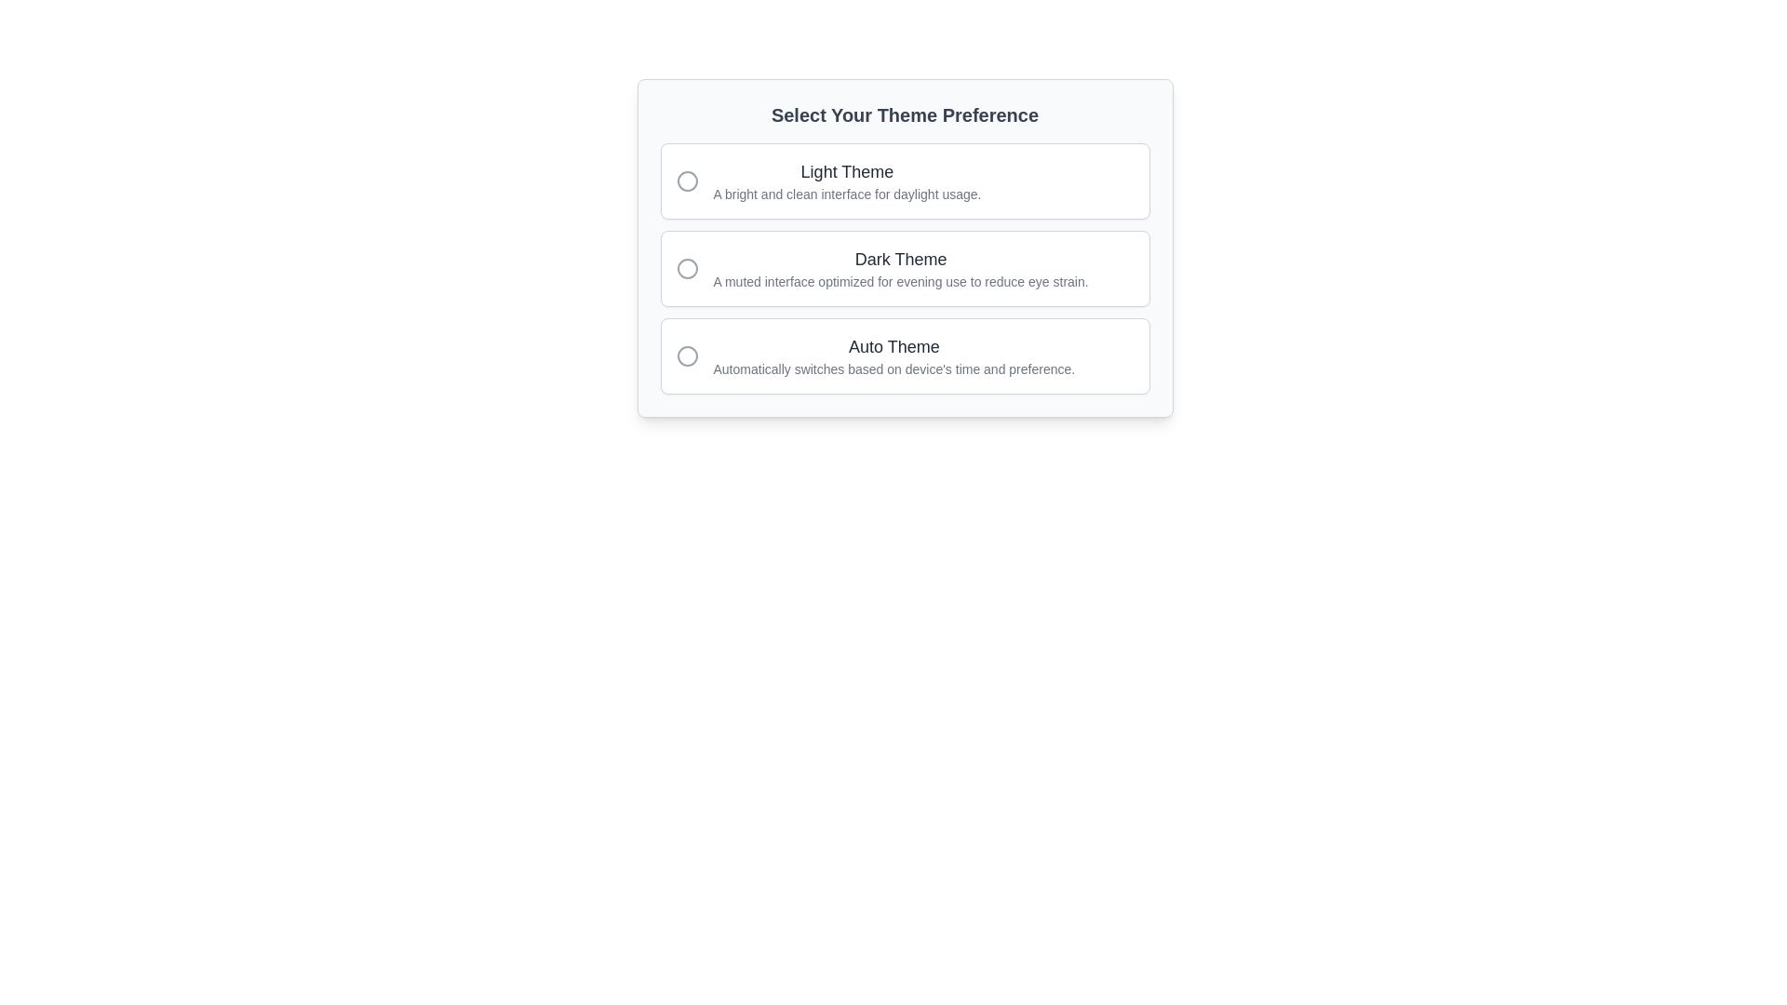  What do you see at coordinates (901, 259) in the screenshot?
I see `the 'Dark Theme' label in the middle section of the list-like layout, which precedes the descriptive text and is aligned with a circular radio button` at bounding box center [901, 259].